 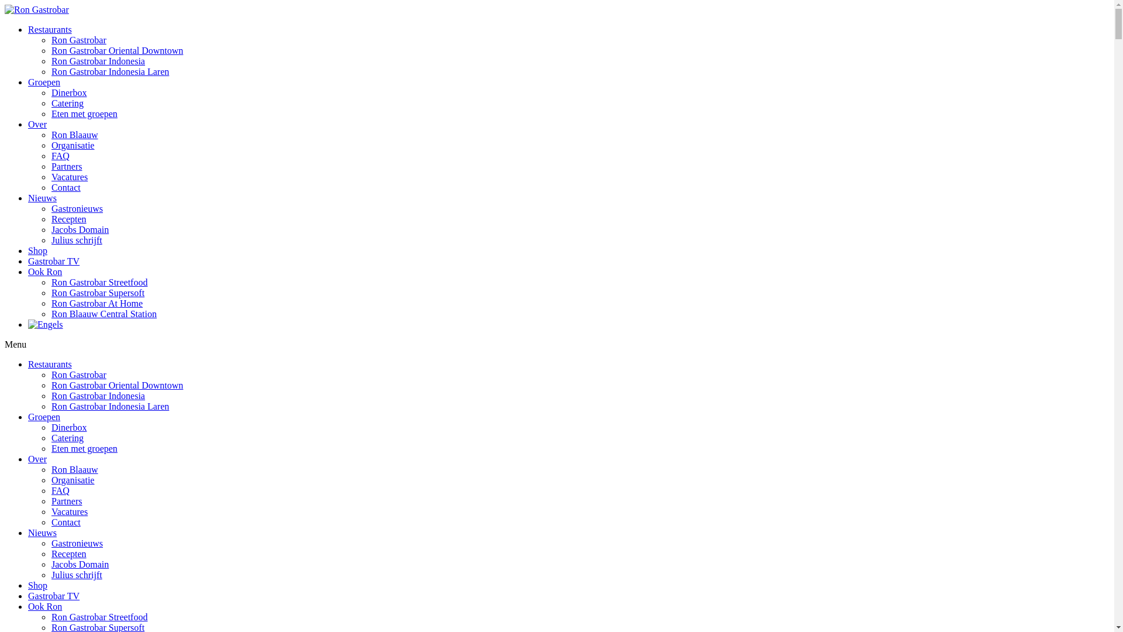 I want to click on 'Ron Gastrobar Oriental Downtown', so click(x=117, y=385).